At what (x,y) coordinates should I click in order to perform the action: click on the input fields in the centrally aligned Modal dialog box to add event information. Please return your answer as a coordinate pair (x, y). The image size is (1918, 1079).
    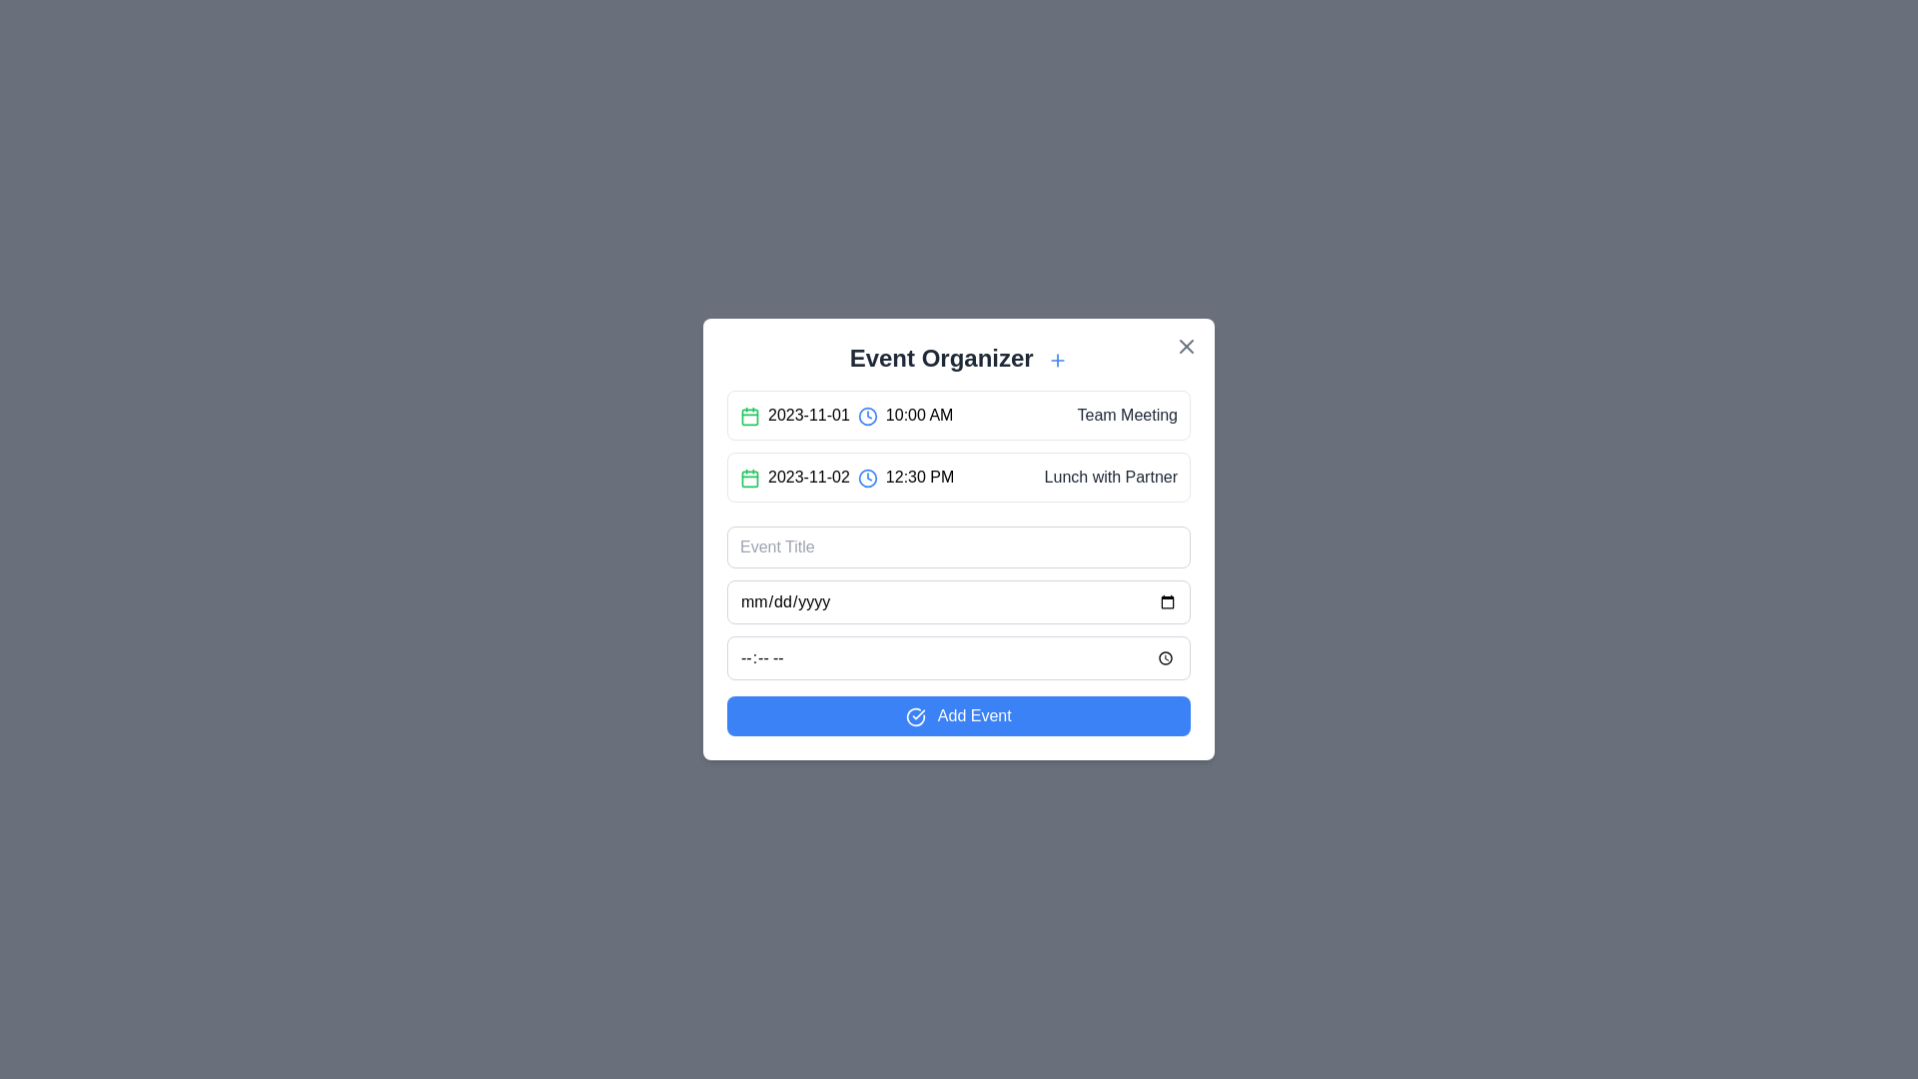
    Looking at the image, I should click on (959, 539).